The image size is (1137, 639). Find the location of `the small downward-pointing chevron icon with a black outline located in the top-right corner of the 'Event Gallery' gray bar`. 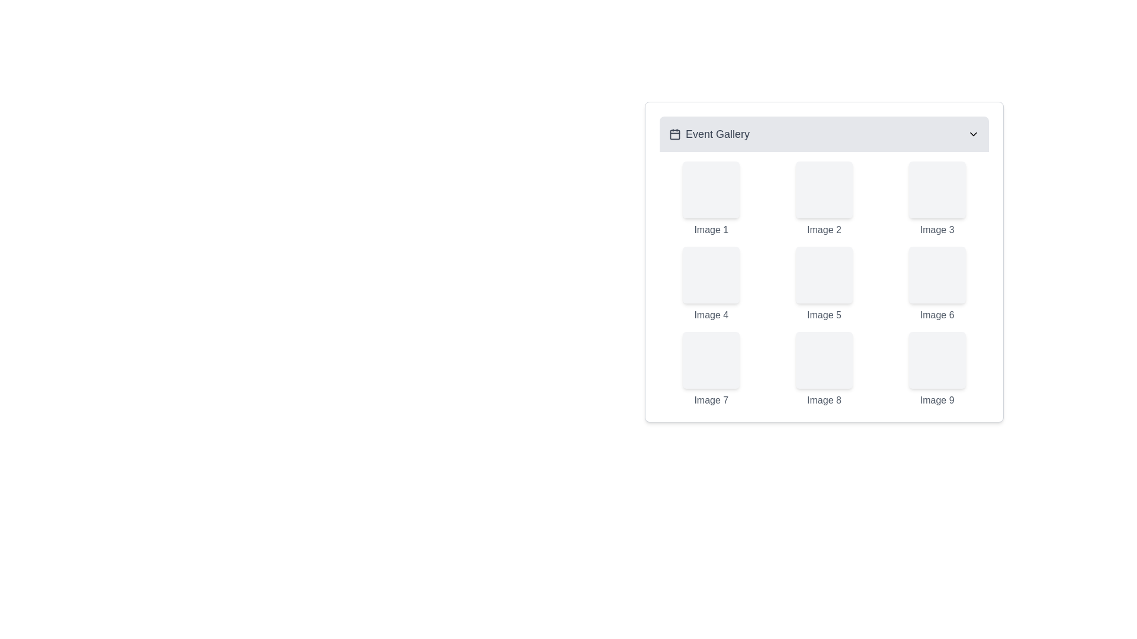

the small downward-pointing chevron icon with a black outline located in the top-right corner of the 'Event Gallery' gray bar is located at coordinates (973, 134).